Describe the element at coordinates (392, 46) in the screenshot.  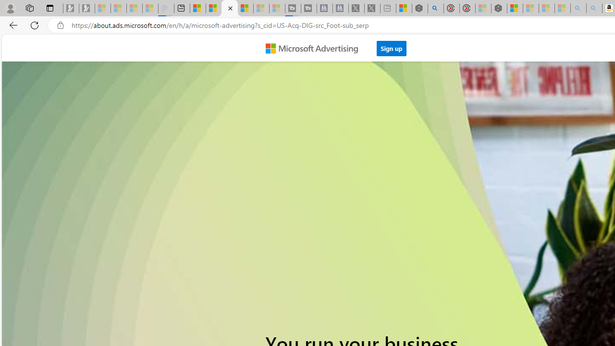
I see `'Sign up'` at that location.